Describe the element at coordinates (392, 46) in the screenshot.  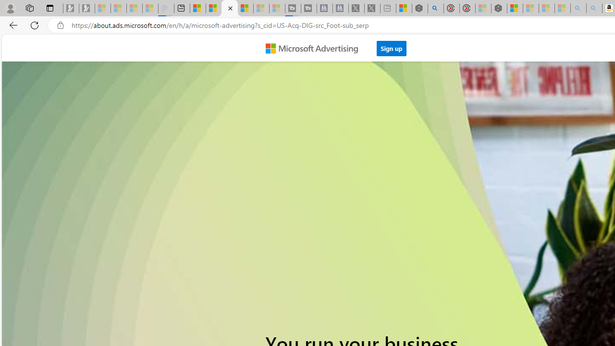
I see `'Sign up'` at that location.